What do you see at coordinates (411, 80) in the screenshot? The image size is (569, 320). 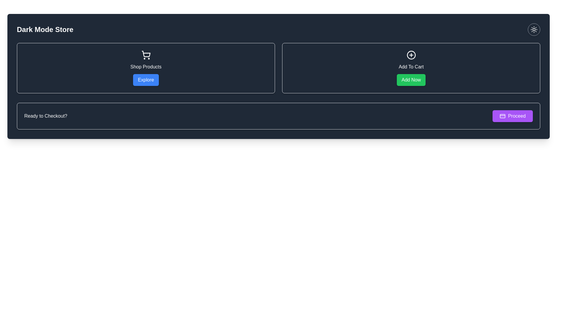 I see `the prominent green 'Add Now' button with white text` at bounding box center [411, 80].